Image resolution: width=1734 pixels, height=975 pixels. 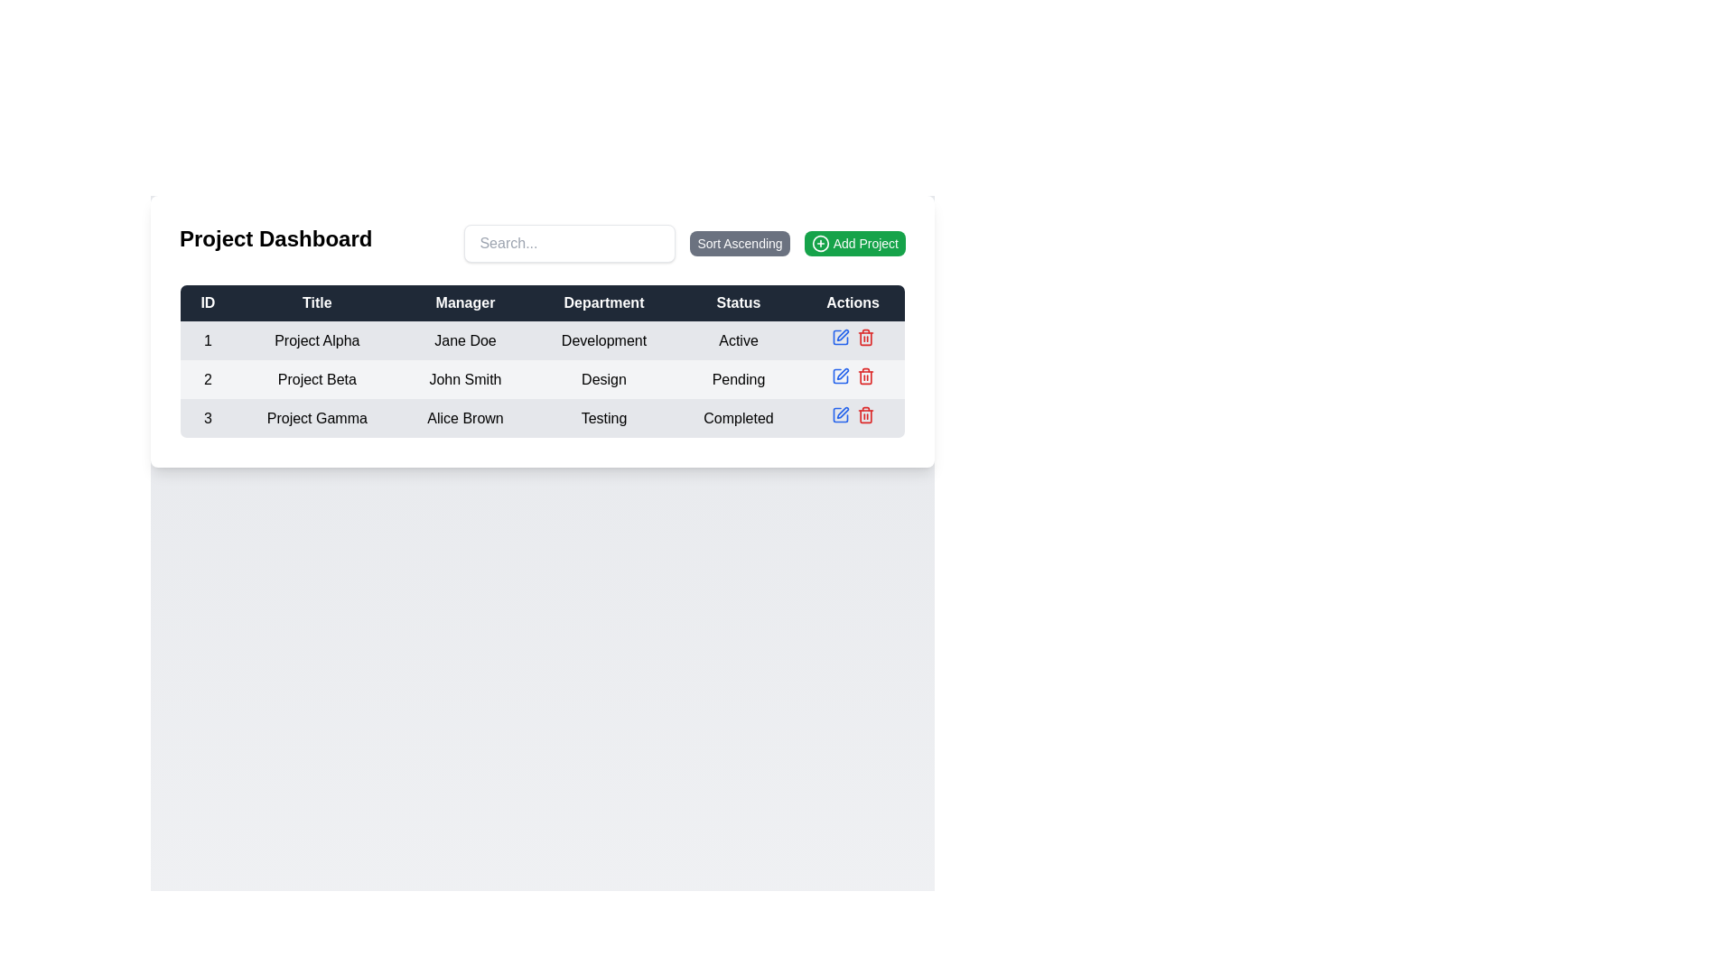 What do you see at coordinates (864, 338) in the screenshot?
I see `the red trash bin icon in the third row of the 'Actions' column to initiate a delete action` at bounding box center [864, 338].